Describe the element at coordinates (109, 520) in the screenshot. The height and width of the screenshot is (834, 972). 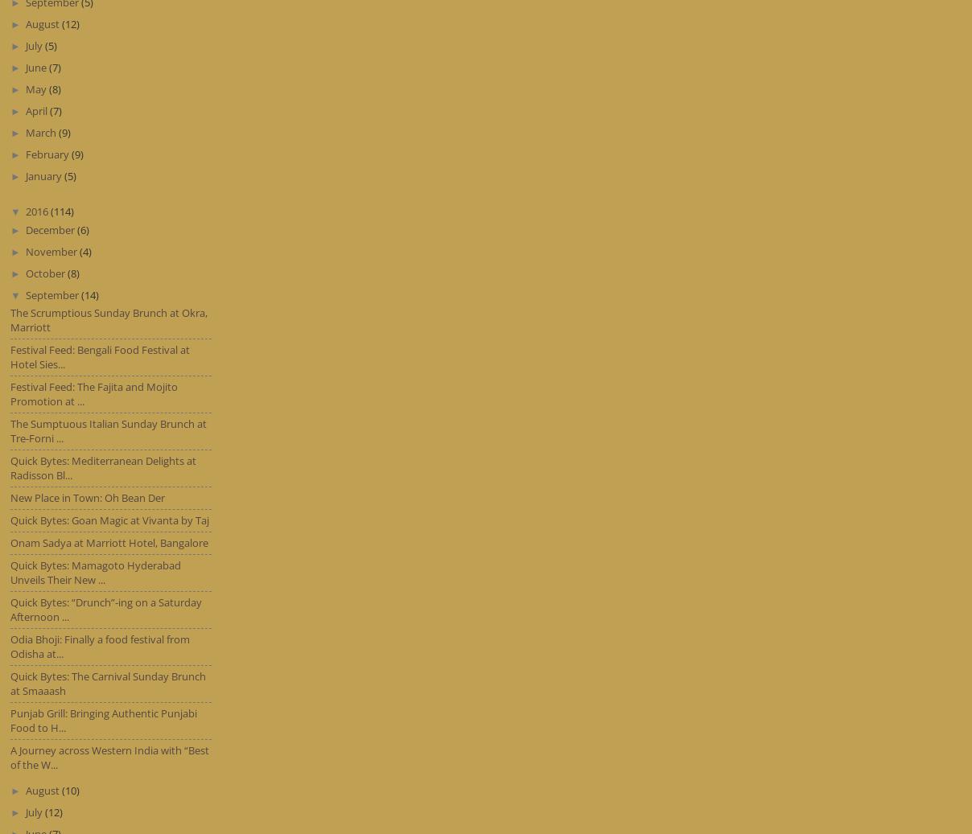
I see `'Quick Bytes: Goan Magic at Vivanta by Taj'` at that location.